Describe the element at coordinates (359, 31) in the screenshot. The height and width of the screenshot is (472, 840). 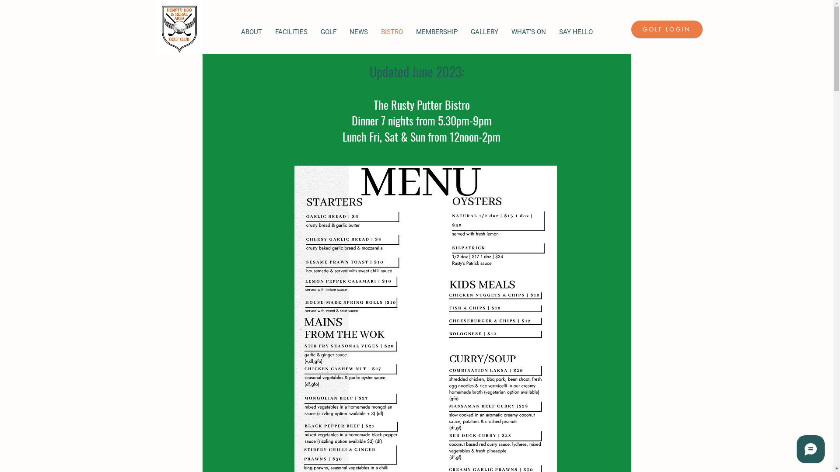
I see `'NEWS'` at that location.